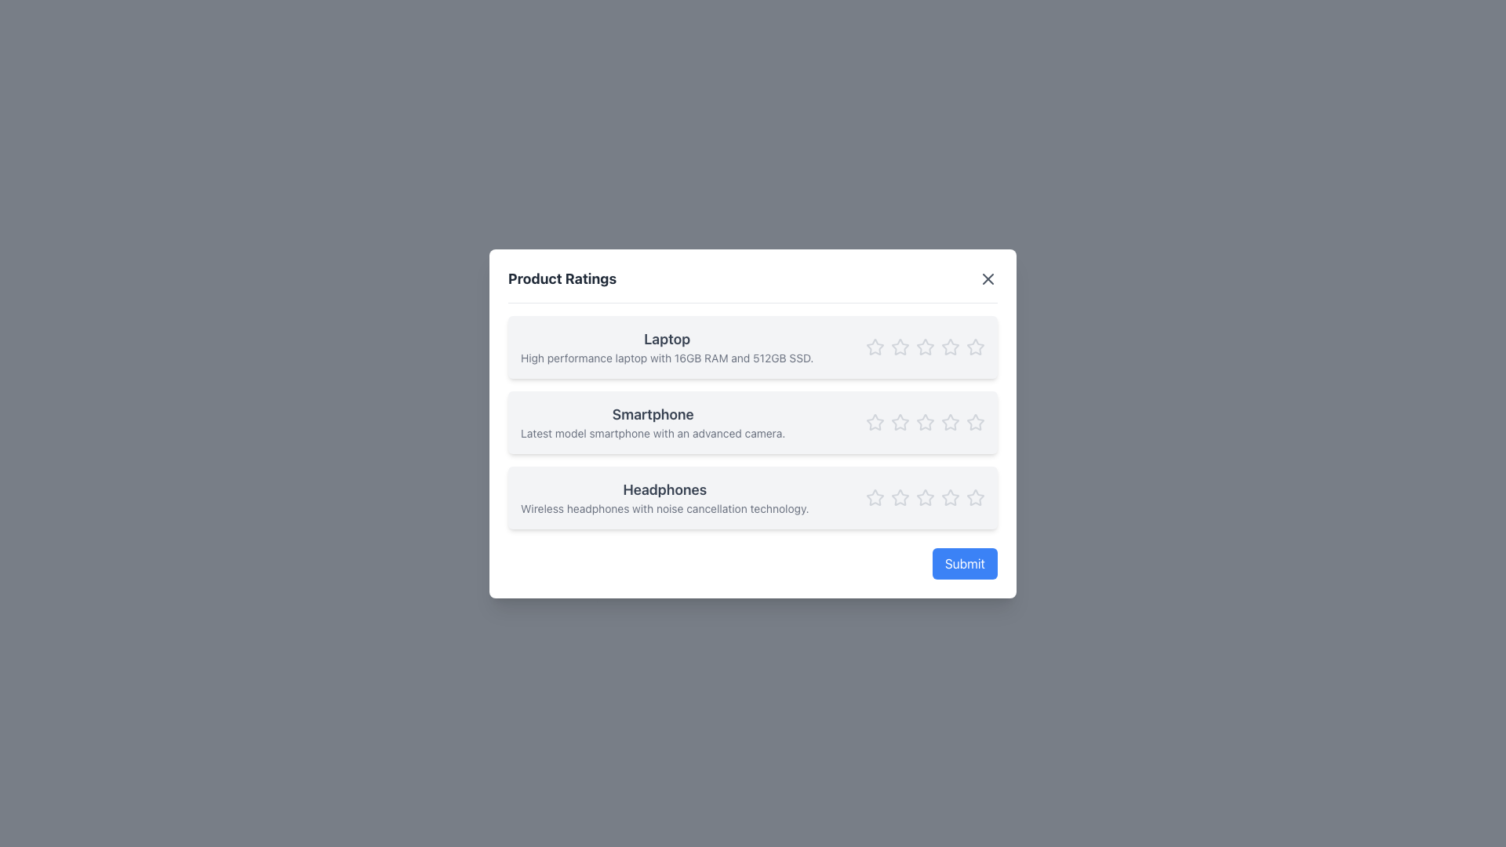  I want to click on text displayed in the Text Block labeled 'Smartphone', which contains a bold title and a description about the latest model smartphone, so click(653, 421).